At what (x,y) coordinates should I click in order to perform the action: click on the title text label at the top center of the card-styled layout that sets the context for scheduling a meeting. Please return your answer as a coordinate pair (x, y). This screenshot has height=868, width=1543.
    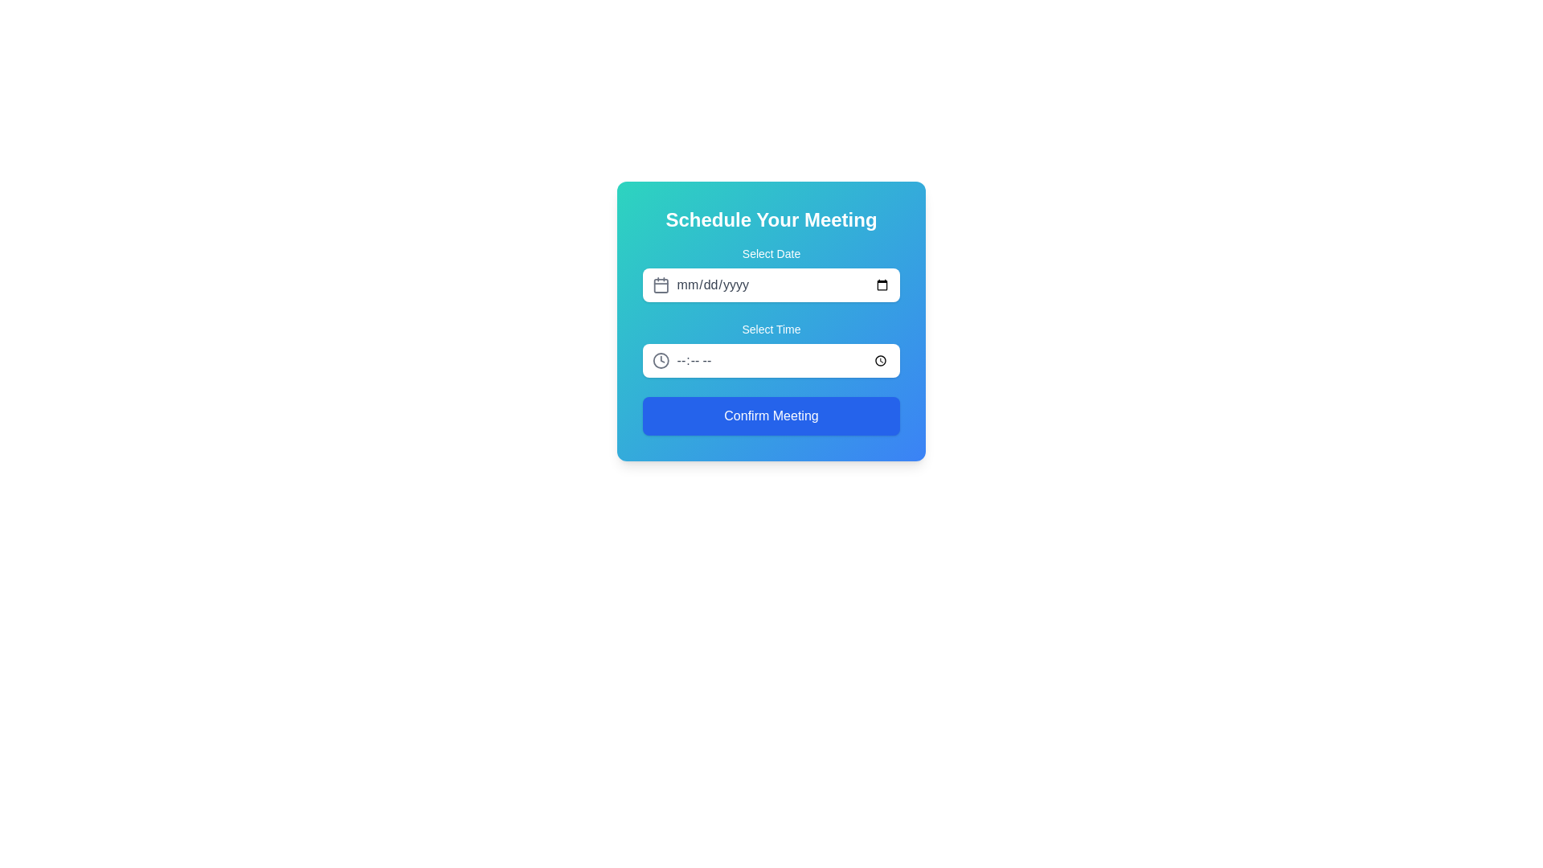
    Looking at the image, I should click on (771, 219).